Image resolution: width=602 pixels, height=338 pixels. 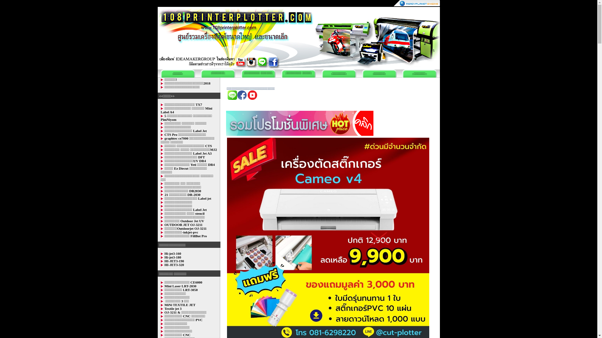 What do you see at coordinates (174, 261) in the screenshot?
I see `'HI-JET3-190'` at bounding box center [174, 261].